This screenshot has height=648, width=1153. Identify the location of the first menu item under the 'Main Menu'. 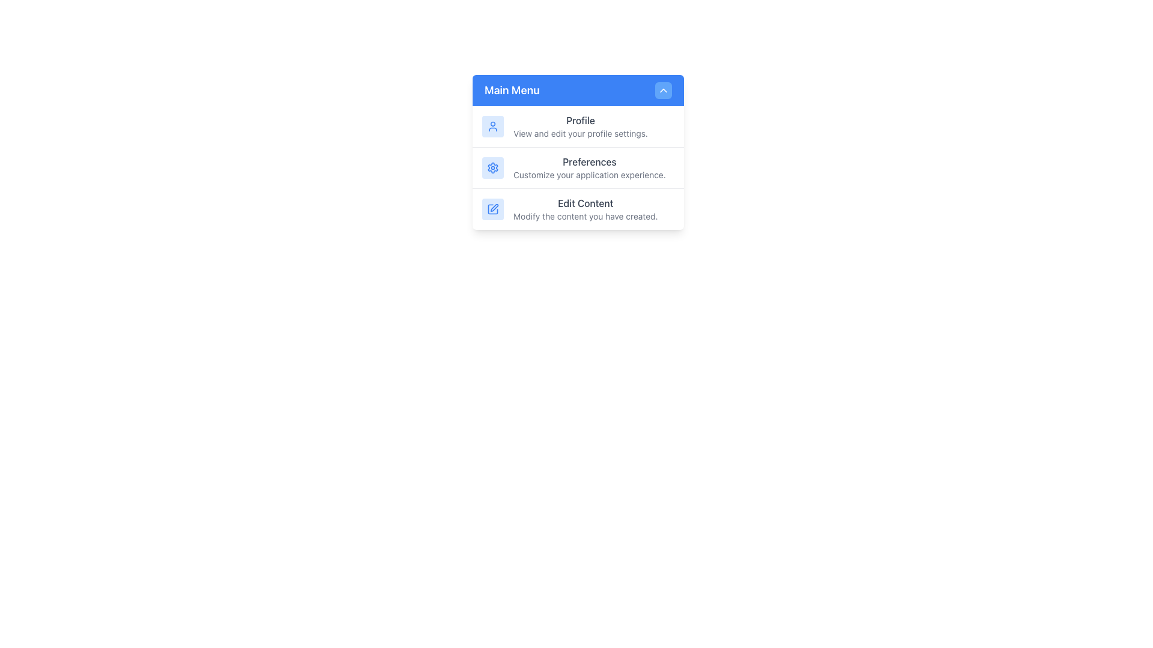
(578, 127).